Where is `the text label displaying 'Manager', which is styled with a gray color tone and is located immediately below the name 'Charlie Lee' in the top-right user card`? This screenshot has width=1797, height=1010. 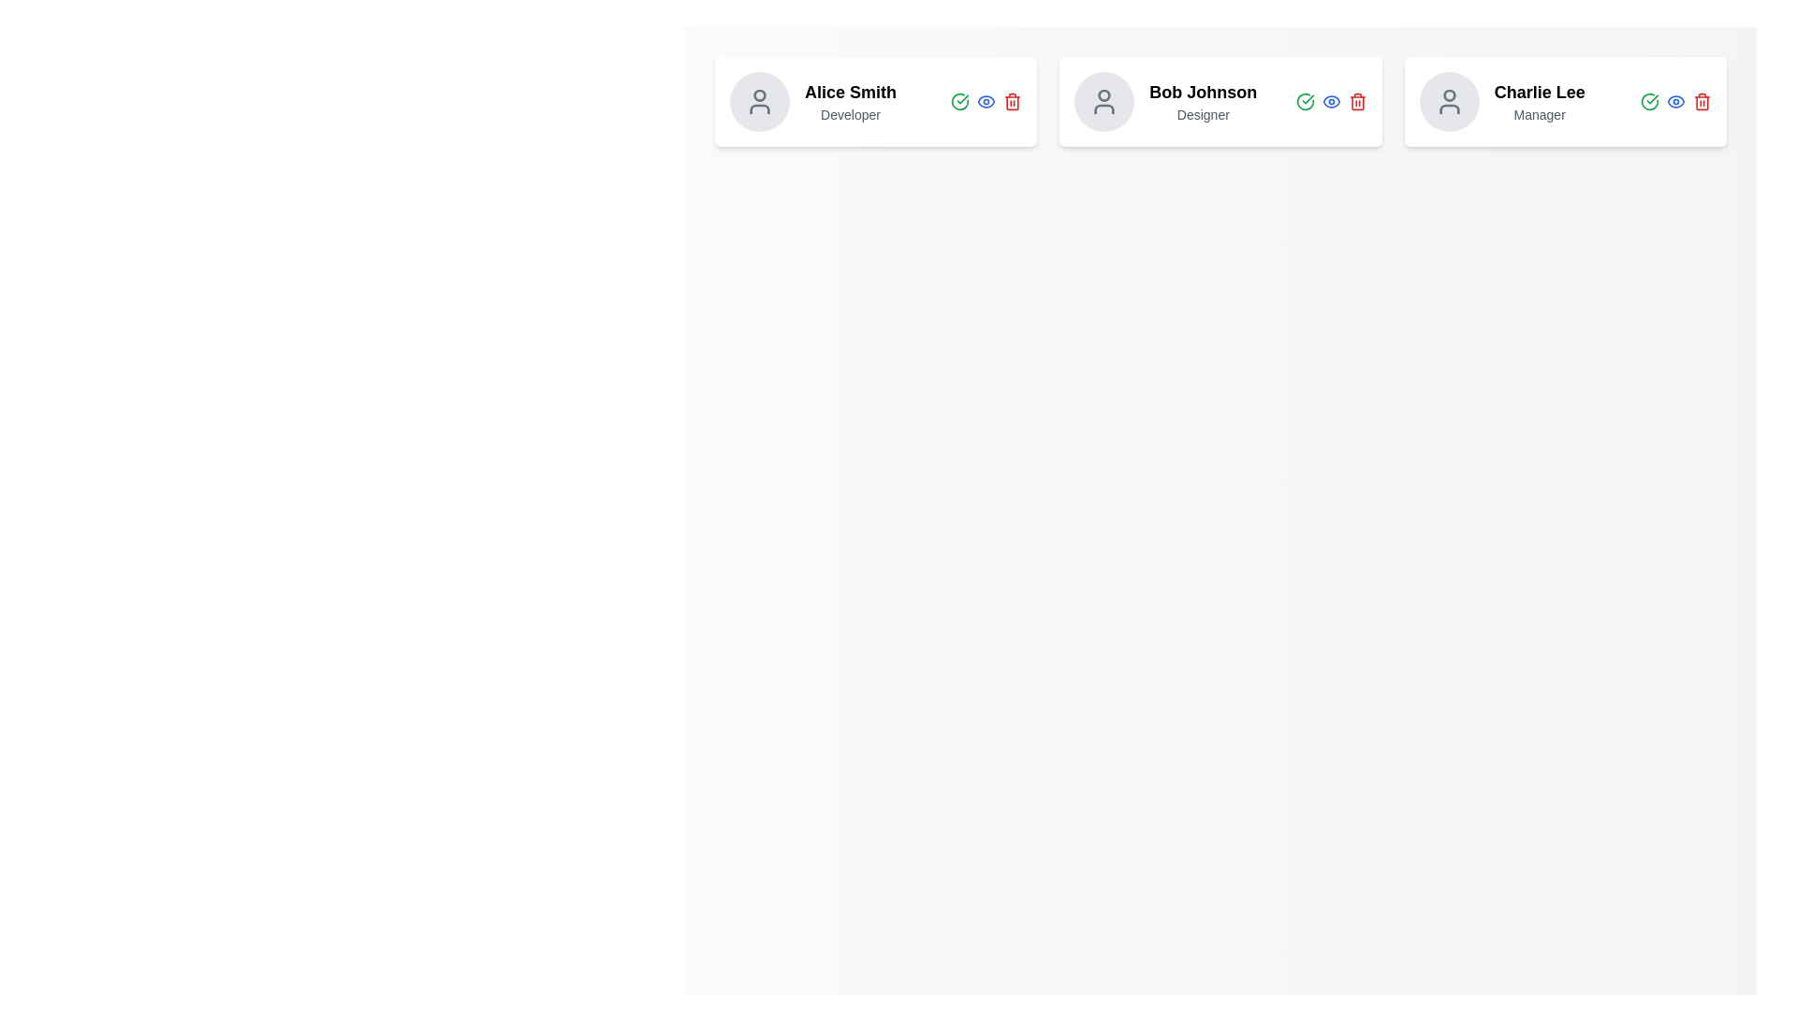
the text label displaying 'Manager', which is styled with a gray color tone and is located immediately below the name 'Charlie Lee' in the top-right user card is located at coordinates (1540, 115).